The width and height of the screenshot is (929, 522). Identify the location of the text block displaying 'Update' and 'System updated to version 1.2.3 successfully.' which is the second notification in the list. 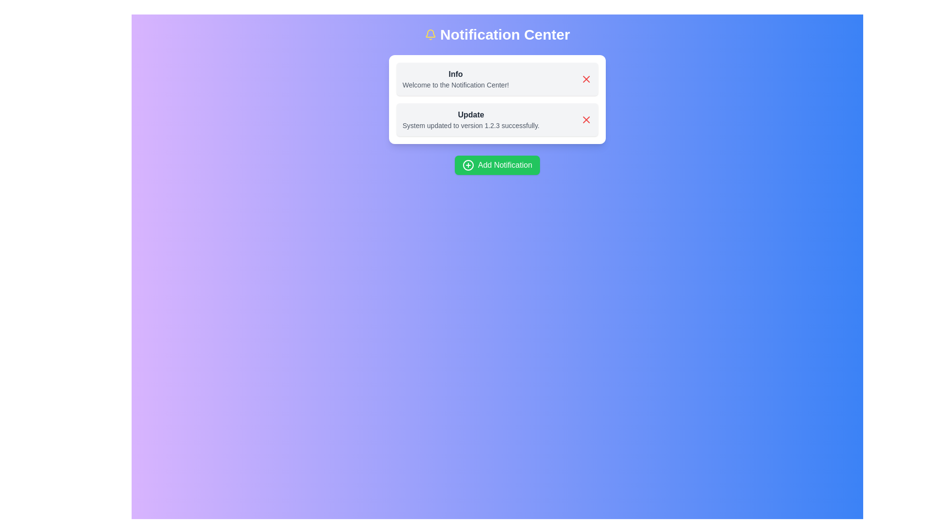
(471, 119).